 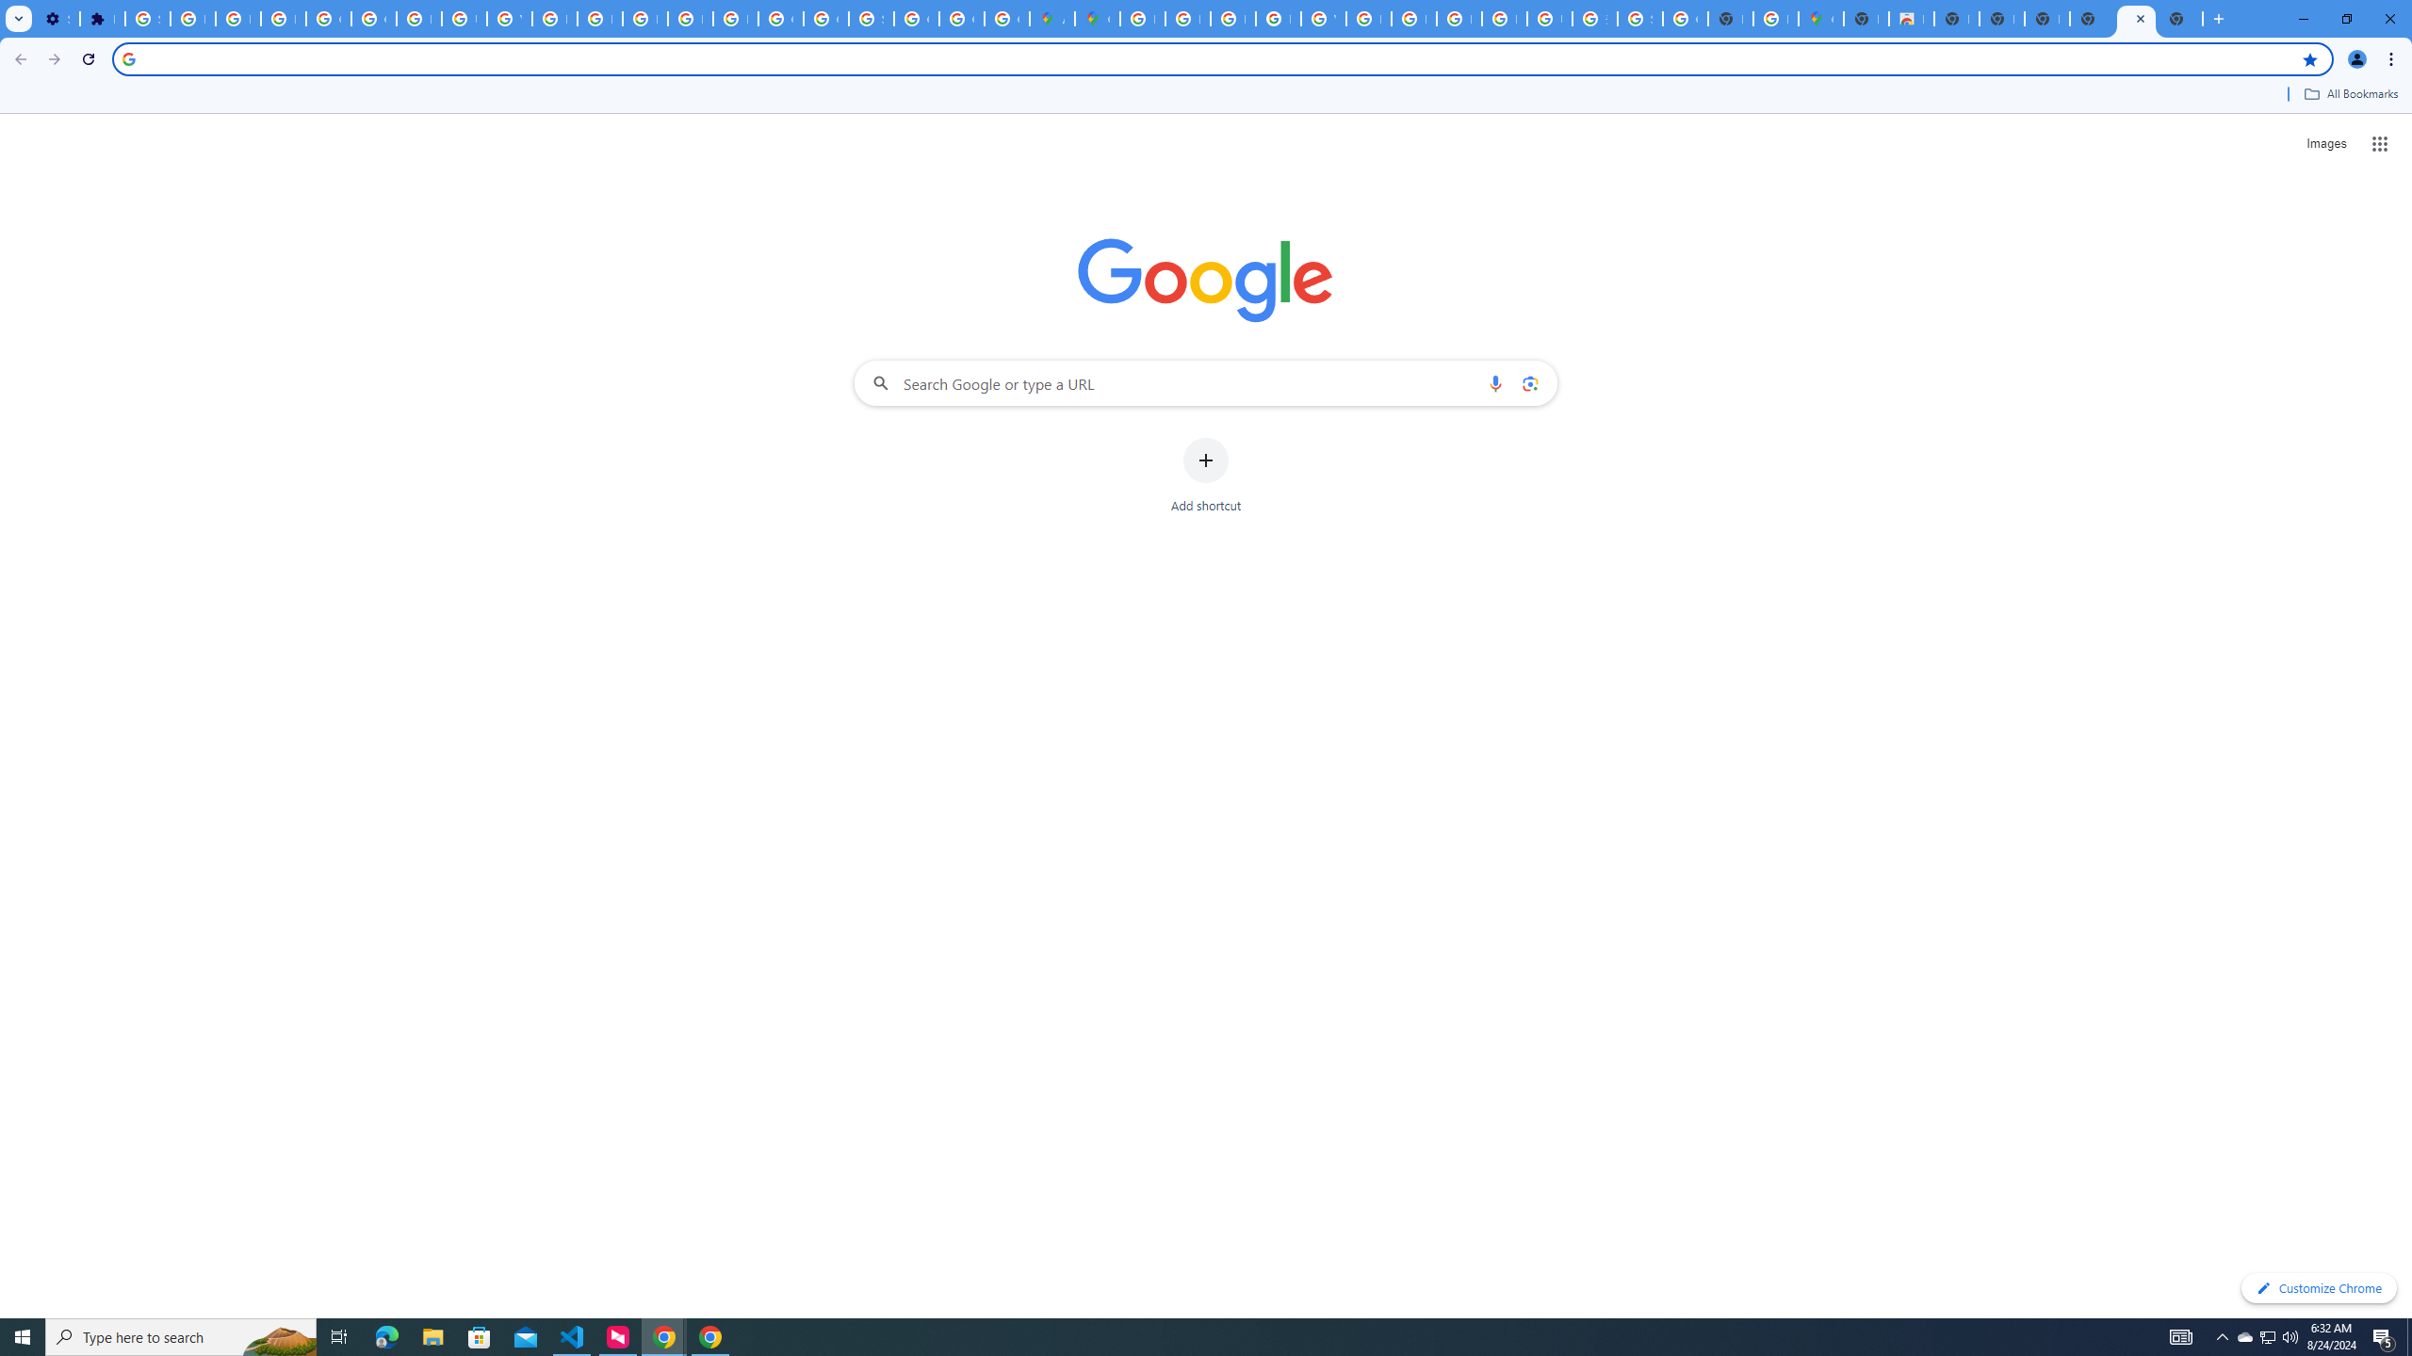 What do you see at coordinates (101, 18) in the screenshot?
I see `'Extensions'` at bounding box center [101, 18].